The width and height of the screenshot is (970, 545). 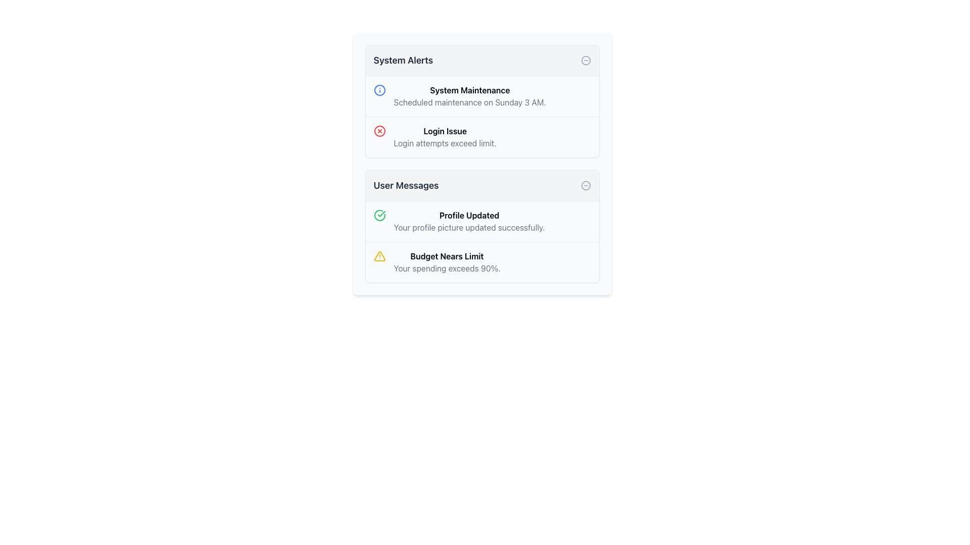 What do you see at coordinates (379, 215) in the screenshot?
I see `the green circular icon with a white checkmark located in the 'User Messages' section, to the left of the 'Profile Updated' text` at bounding box center [379, 215].